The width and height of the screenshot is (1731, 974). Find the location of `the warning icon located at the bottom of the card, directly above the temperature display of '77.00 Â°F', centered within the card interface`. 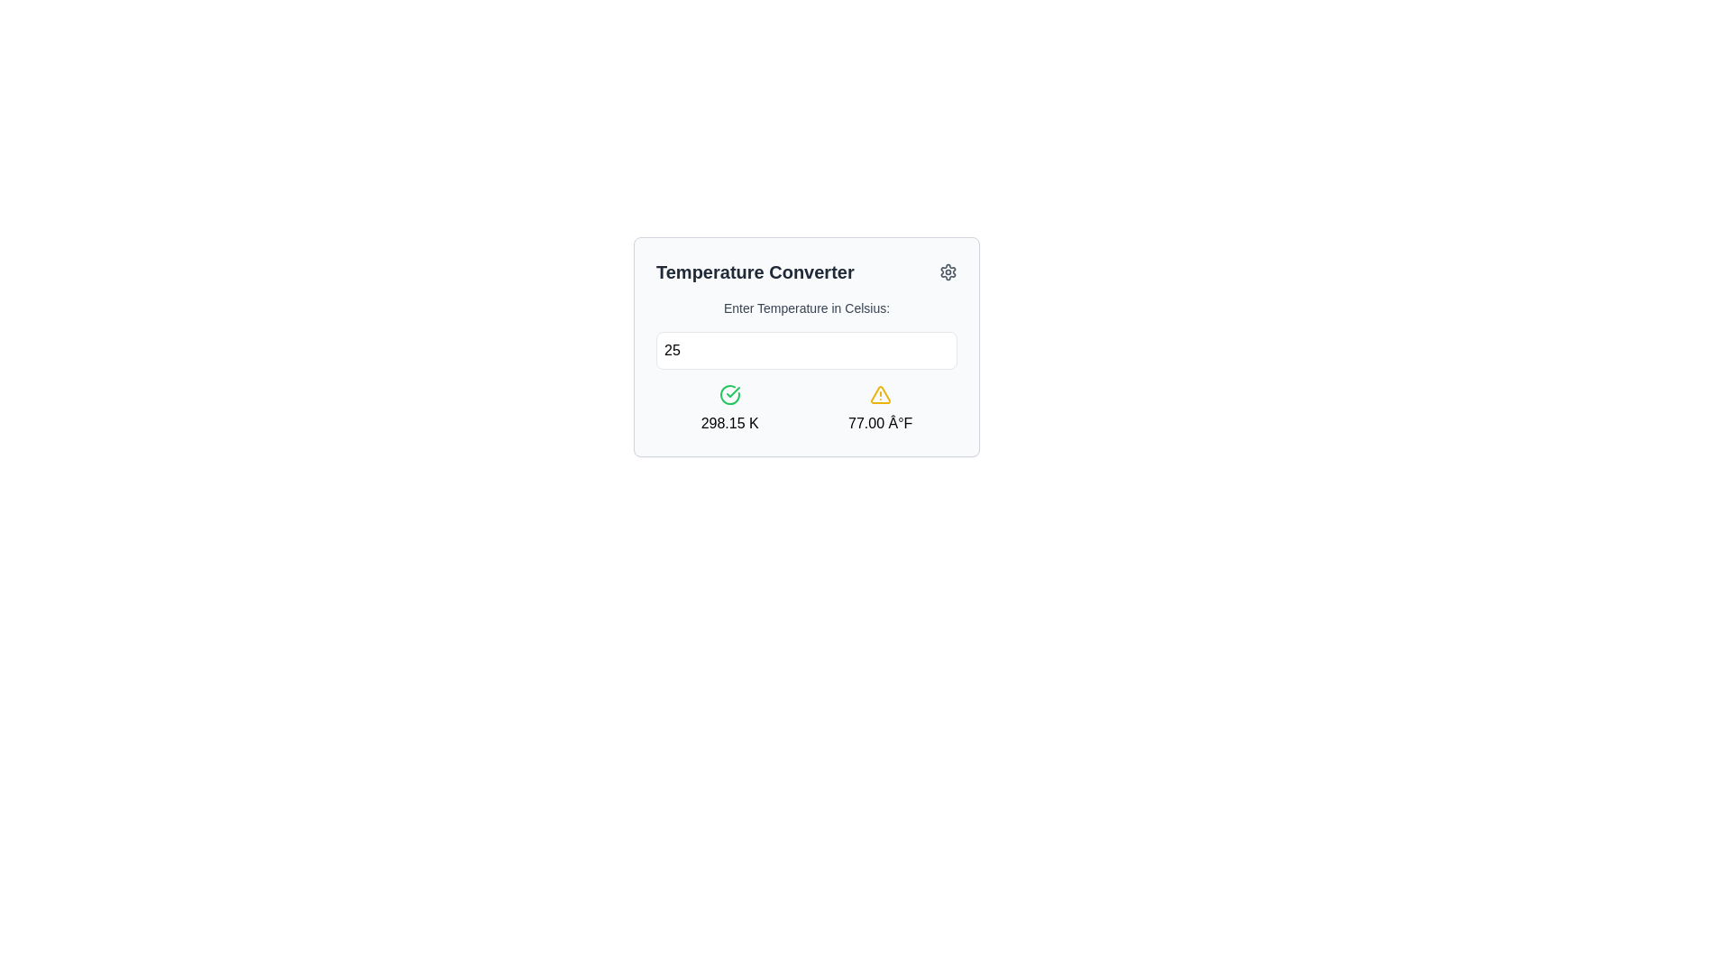

the warning icon located at the bottom of the card, directly above the temperature display of '77.00 Â°F', centered within the card interface is located at coordinates (880, 394).